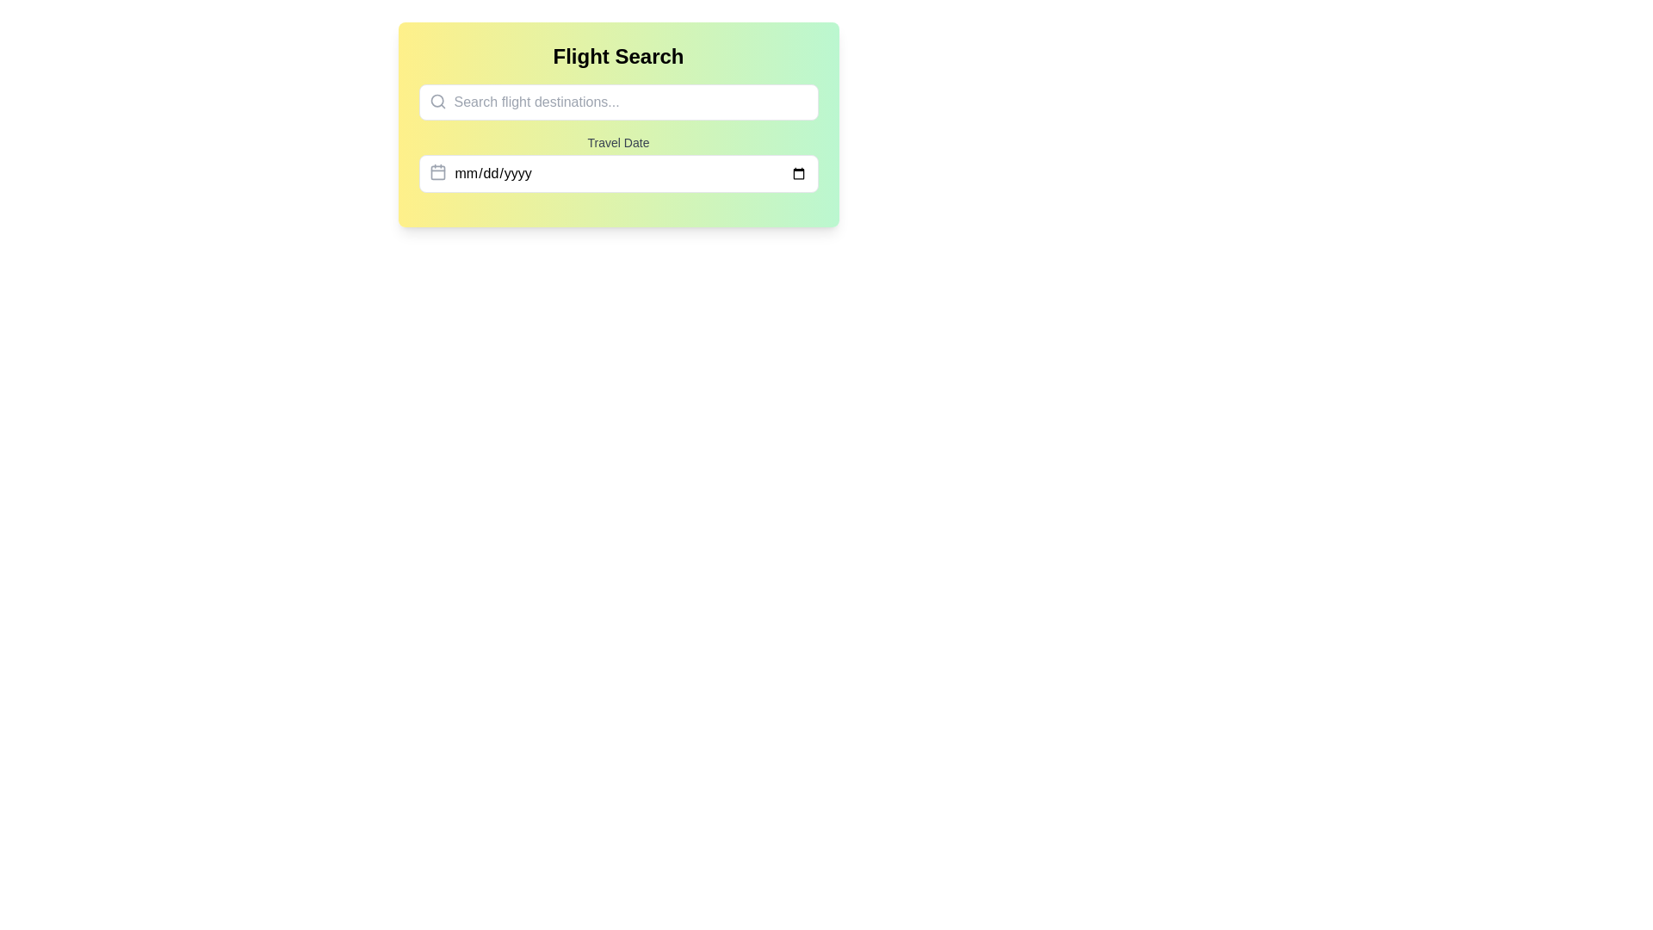 The width and height of the screenshot is (1653, 930). I want to click on the decorative calendar icon, which is a rectangular shape with rounded corners, located immediately to the left of the 'mm/dd/yyyy' text field in the second row of the form, so click(437, 172).